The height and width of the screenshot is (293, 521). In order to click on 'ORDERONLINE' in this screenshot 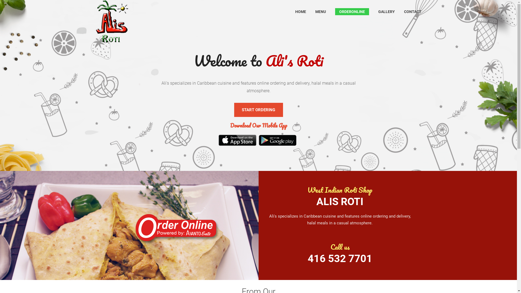, I will do `click(352, 11)`.